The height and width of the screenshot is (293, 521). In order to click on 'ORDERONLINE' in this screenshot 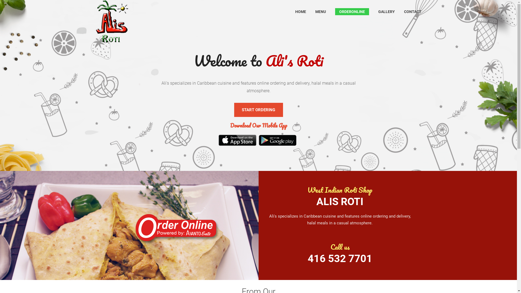, I will do `click(352, 11)`.